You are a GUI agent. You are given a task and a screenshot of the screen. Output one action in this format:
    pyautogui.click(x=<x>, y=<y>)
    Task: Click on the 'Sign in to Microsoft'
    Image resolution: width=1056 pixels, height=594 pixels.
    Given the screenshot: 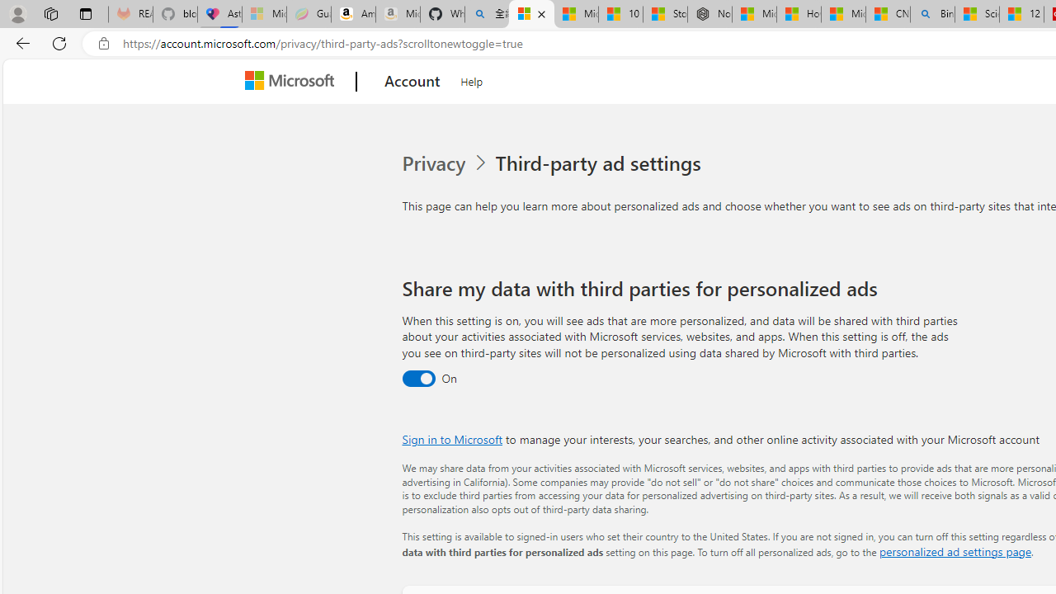 What is the action you would take?
    pyautogui.click(x=452, y=438)
    